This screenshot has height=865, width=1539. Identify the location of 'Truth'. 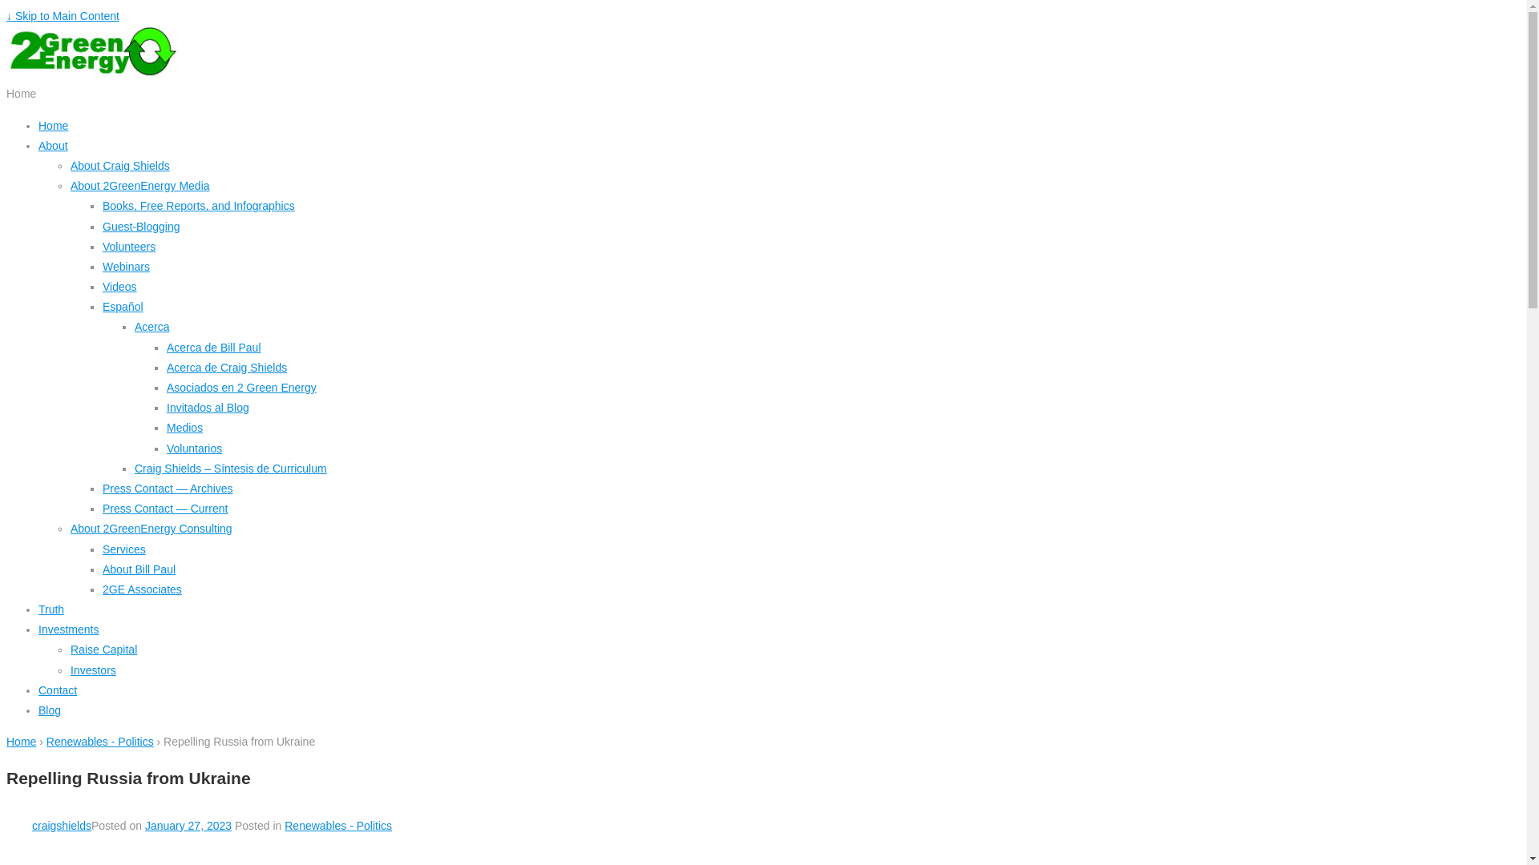
(38, 609).